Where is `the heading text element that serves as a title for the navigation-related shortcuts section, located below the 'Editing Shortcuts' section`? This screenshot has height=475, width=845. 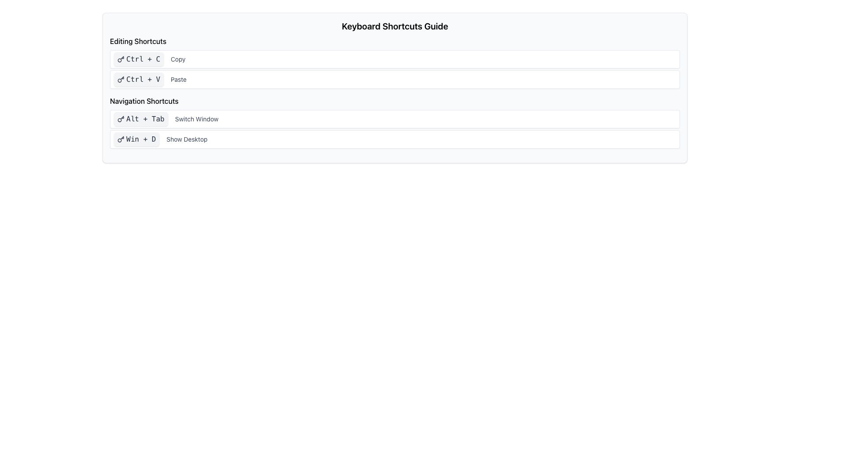
the heading text element that serves as a title for the navigation-related shortcuts section, located below the 'Editing Shortcuts' section is located at coordinates (144, 101).